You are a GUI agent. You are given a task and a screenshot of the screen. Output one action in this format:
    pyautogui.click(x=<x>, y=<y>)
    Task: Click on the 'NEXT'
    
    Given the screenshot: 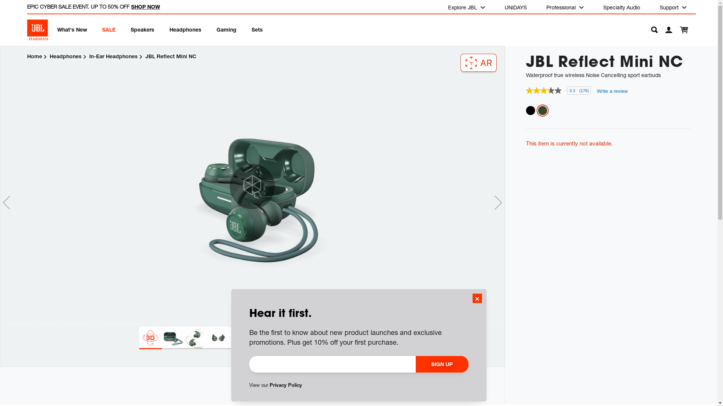 What is the action you would take?
    pyautogui.click(x=498, y=202)
    